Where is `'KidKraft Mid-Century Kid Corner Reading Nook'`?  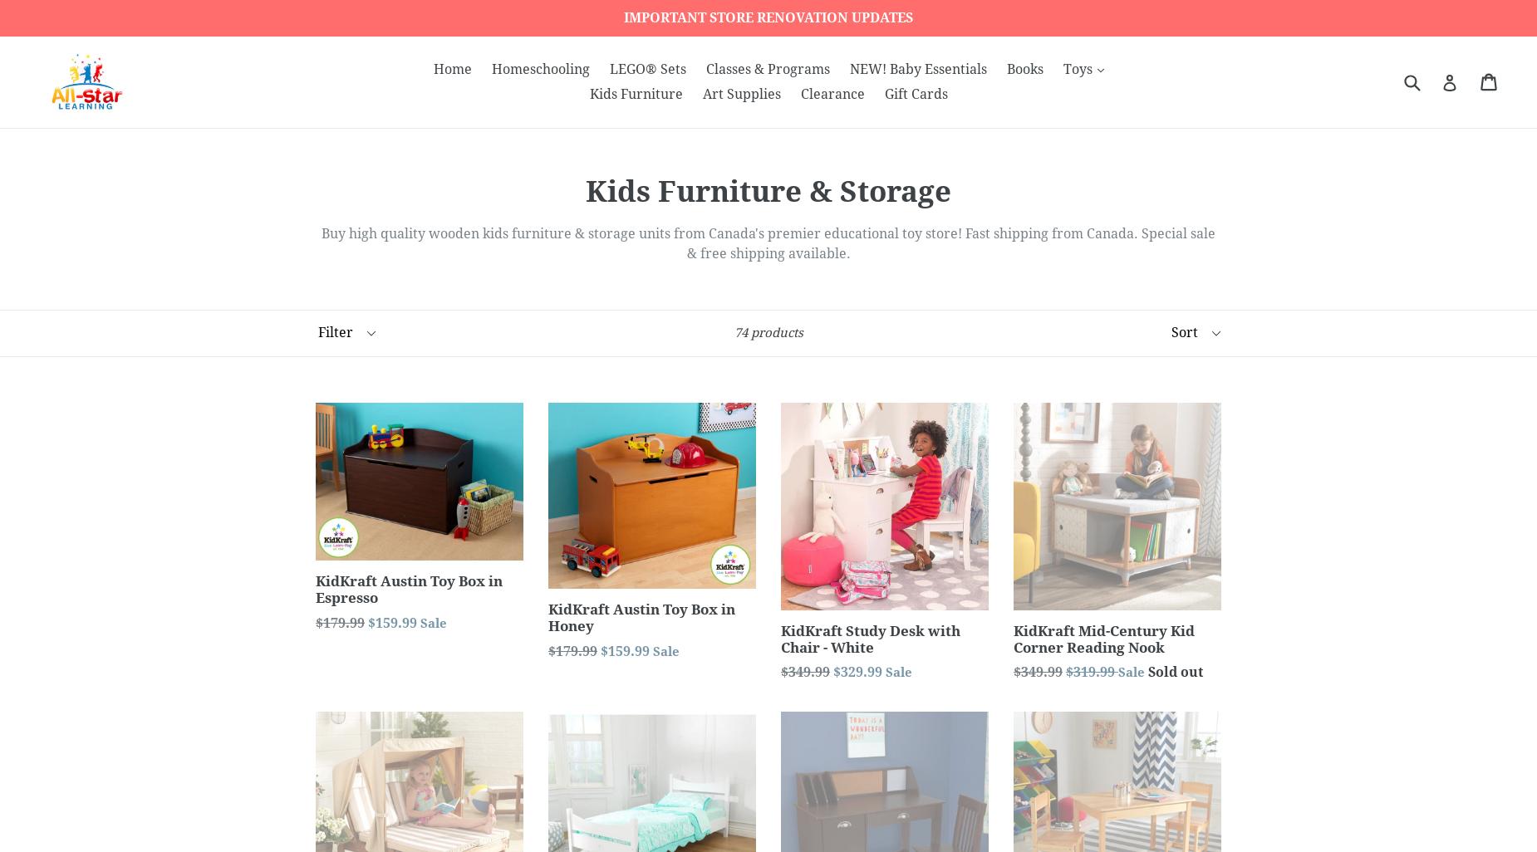 'KidKraft Mid-Century Kid Corner Reading Nook' is located at coordinates (1103, 638).